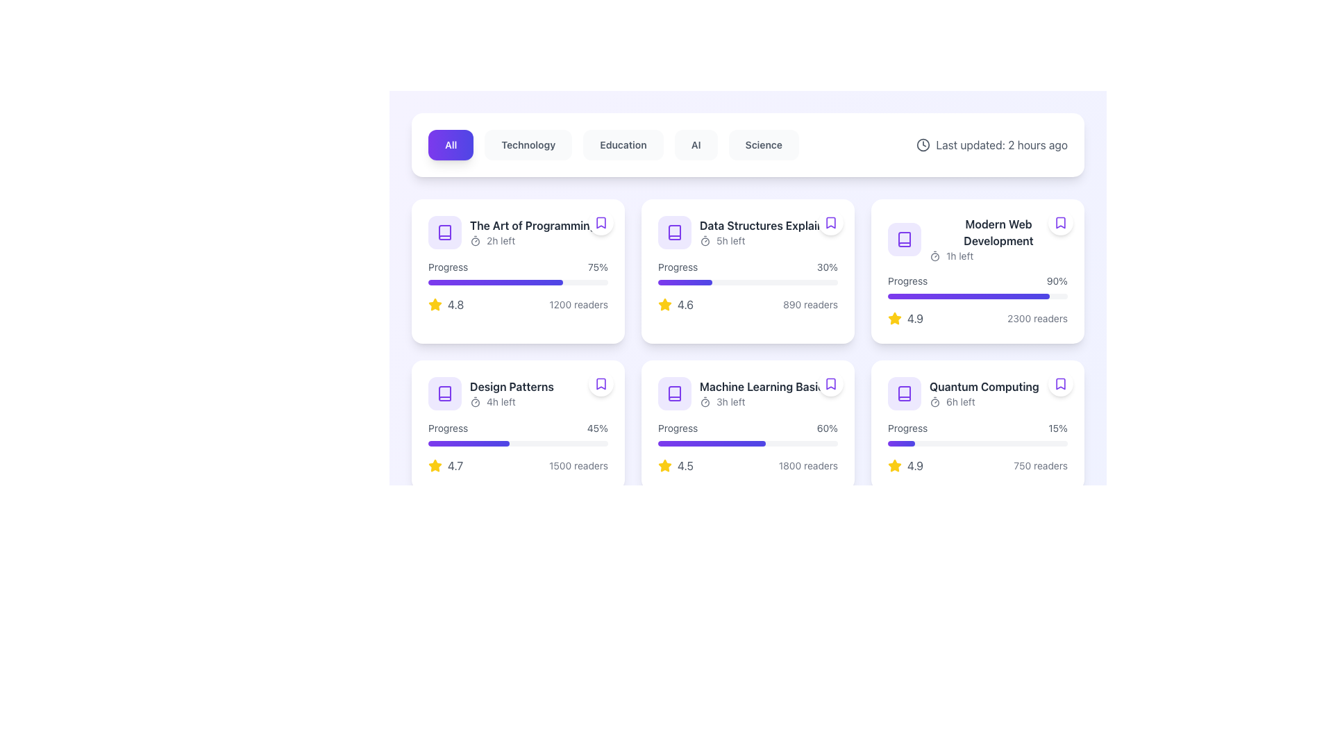 The width and height of the screenshot is (1333, 750). Describe the element at coordinates (455, 466) in the screenshot. I see `rating value '4.7' displayed in gray text next to the yellow star icon for the item 'Design Patterns'` at that location.